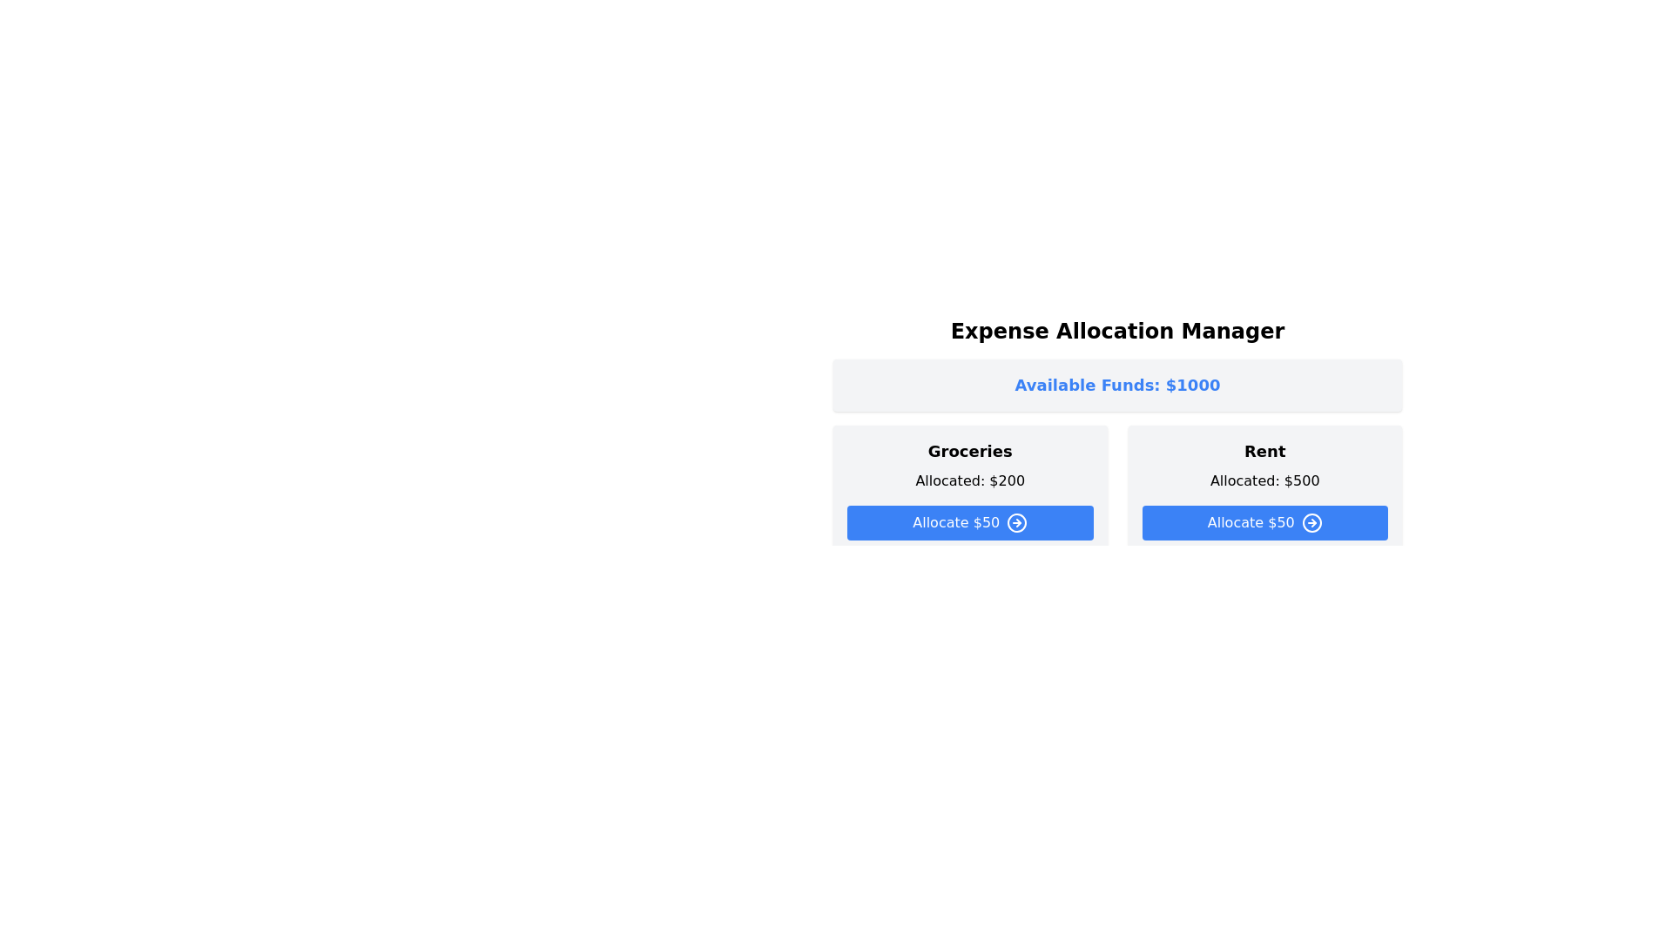 Image resolution: width=1672 pixels, height=940 pixels. I want to click on the rectangular button with a blue background and white text 'Allocate $50' located beneath the 'Allocated: $200' text in the 'Groceries' card, so click(969, 522).